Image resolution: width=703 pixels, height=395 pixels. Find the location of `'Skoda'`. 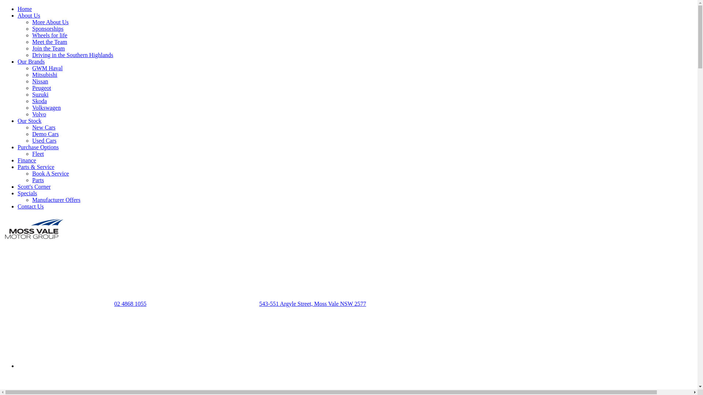

'Skoda' is located at coordinates (39, 101).